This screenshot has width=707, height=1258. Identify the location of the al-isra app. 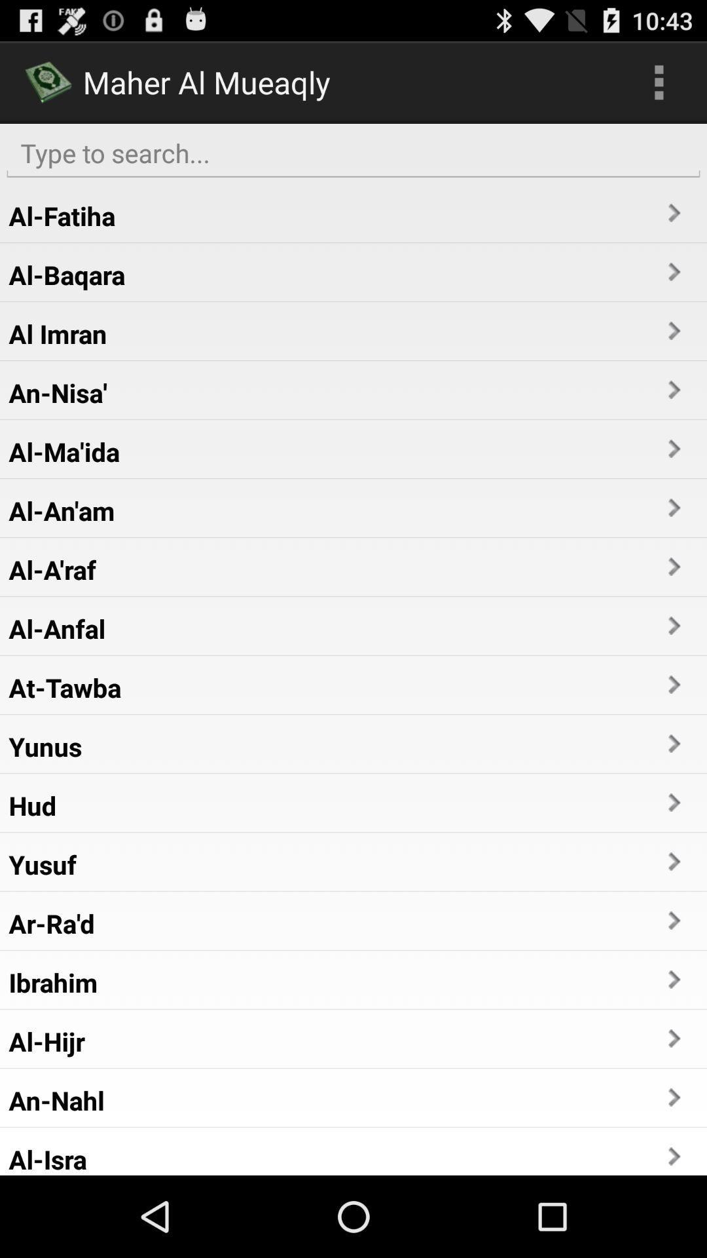
(47, 1158).